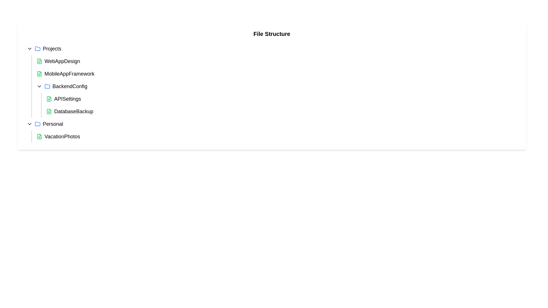 The image size is (548, 308). I want to click on the Text Label that provides the name or title of a file or folder entry within the 'Personal' folder section, following the icon that resembles a file, so click(62, 136).